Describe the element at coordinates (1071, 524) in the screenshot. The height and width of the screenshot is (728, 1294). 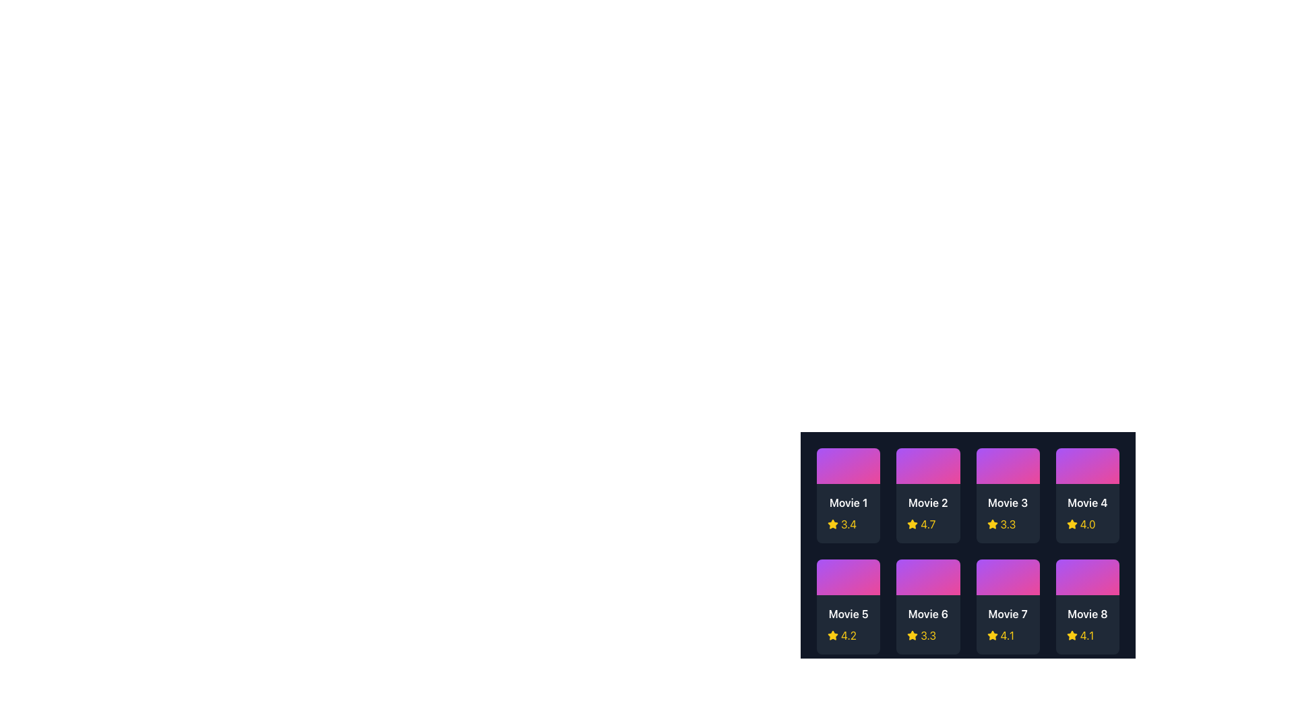
I see `the yellow filled star-shaped icon, which is visually grouped with the numerical text '4.0' below the 'Movie 4' title` at that location.